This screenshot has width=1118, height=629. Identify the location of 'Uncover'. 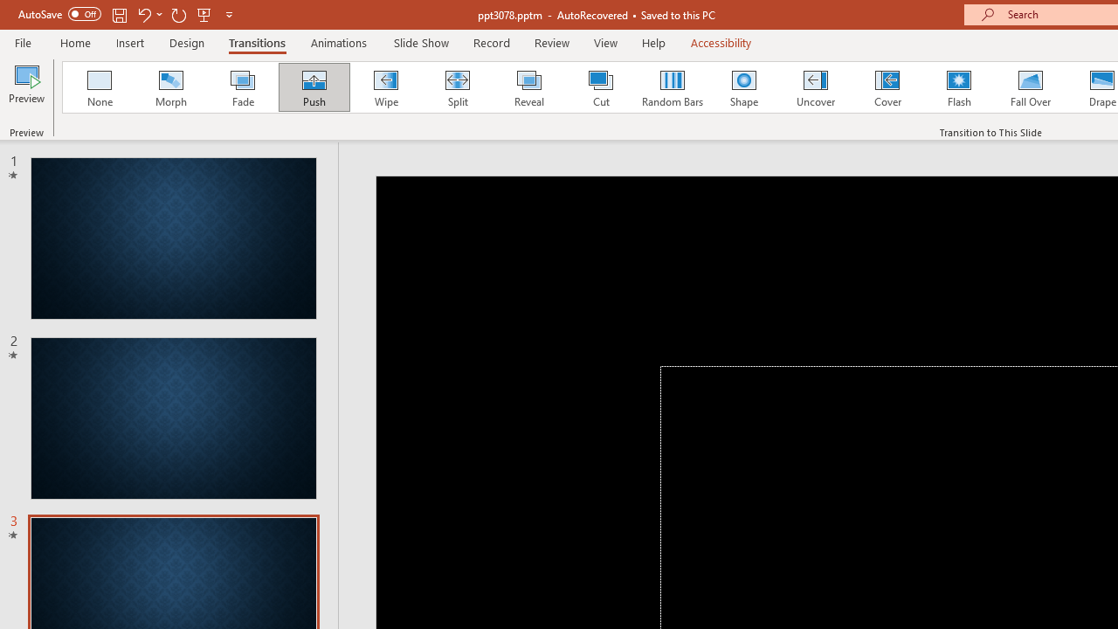
(815, 87).